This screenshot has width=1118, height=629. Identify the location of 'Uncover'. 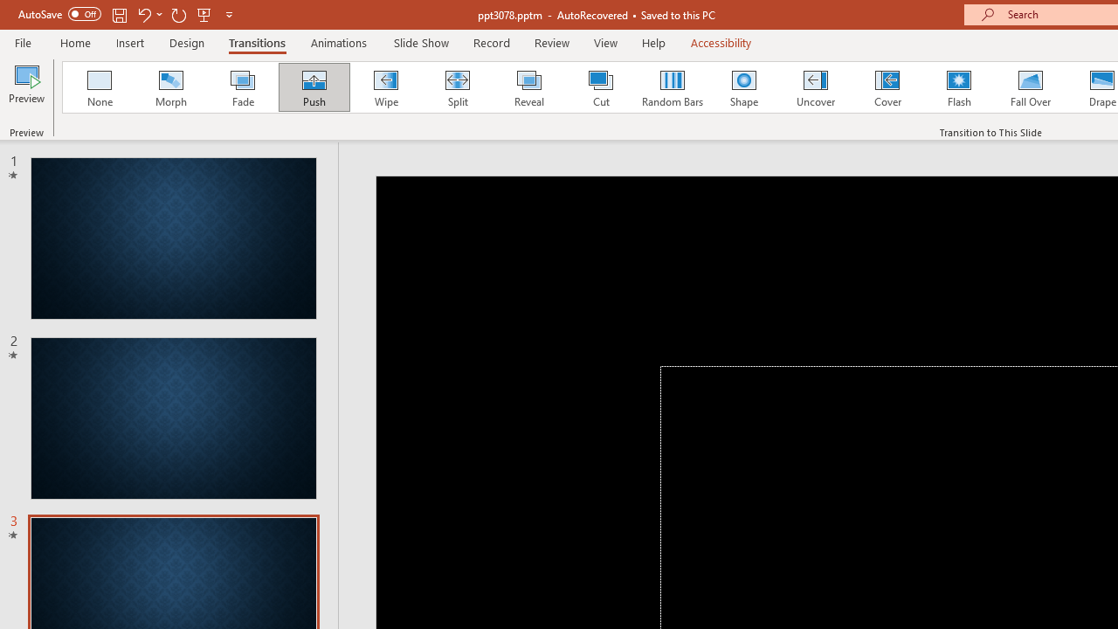
(815, 87).